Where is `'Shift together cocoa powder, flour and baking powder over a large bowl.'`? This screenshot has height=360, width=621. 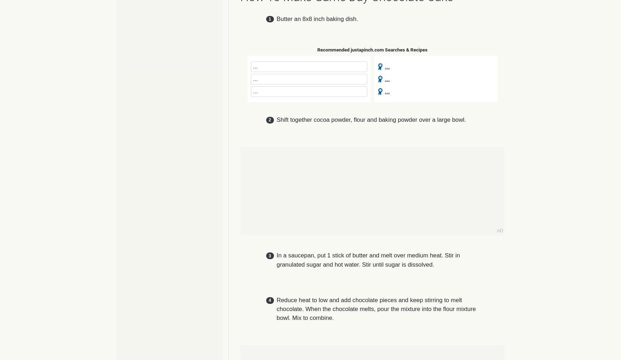 'Shift together cocoa powder, flour and baking powder over a large bowl.' is located at coordinates (370, 120).